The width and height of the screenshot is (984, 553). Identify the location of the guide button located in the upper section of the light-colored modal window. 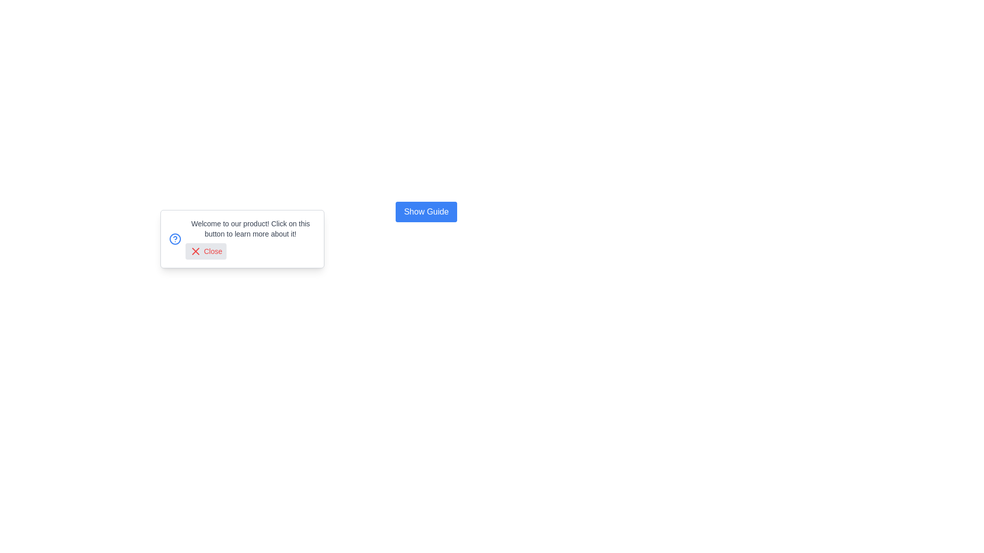
(426, 211).